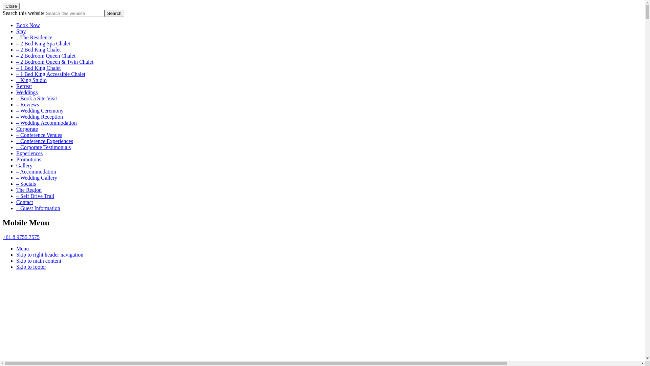 The image size is (650, 366). Describe the element at coordinates (24, 202) in the screenshot. I see `'Contact'` at that location.